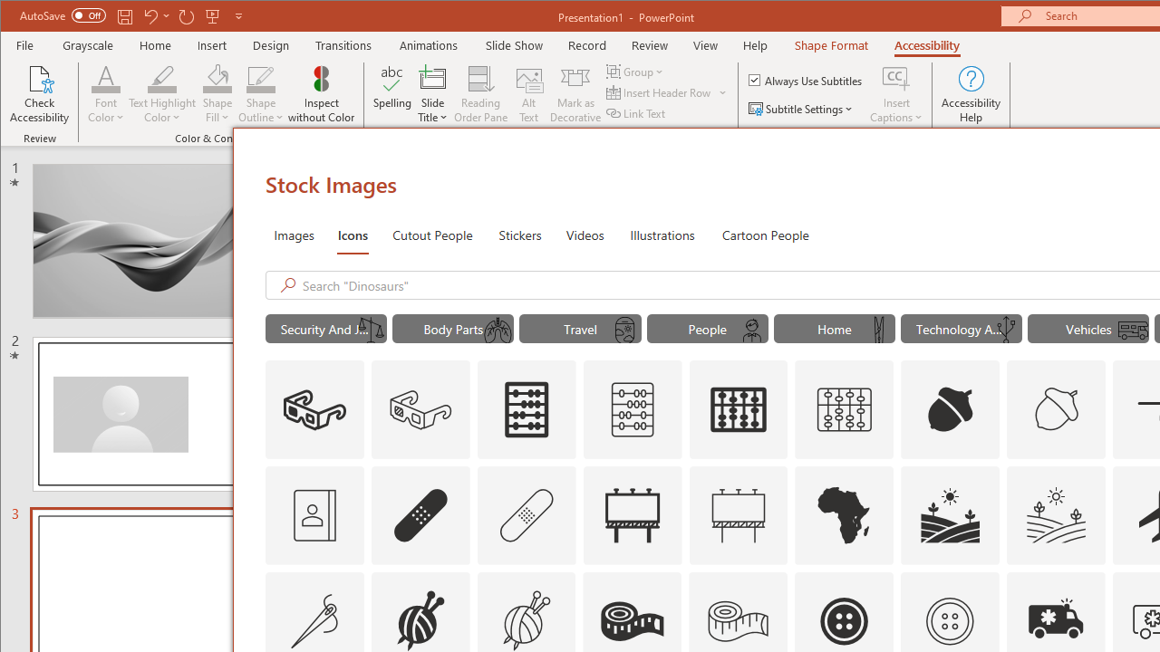 Image resolution: width=1160 pixels, height=652 pixels. Describe the element at coordinates (481, 94) in the screenshot. I see `'Reading Order Pane'` at that location.